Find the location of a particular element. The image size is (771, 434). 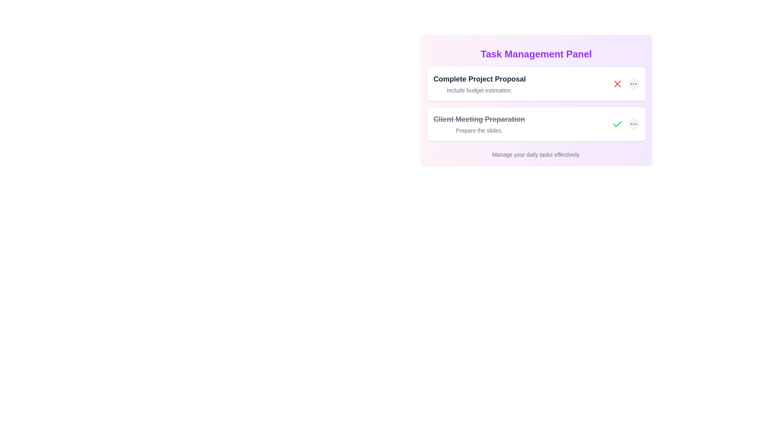

the circular red button with an 'X' icon located to the far right of the 'Complete Project Proposal' task in the task management panel is located at coordinates (617, 84).